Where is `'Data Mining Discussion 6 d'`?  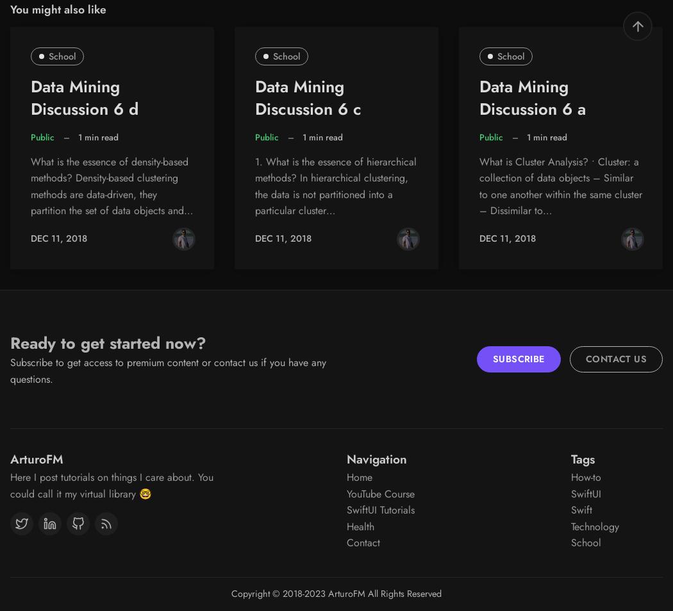 'Data Mining Discussion 6 d' is located at coordinates (29, 97).